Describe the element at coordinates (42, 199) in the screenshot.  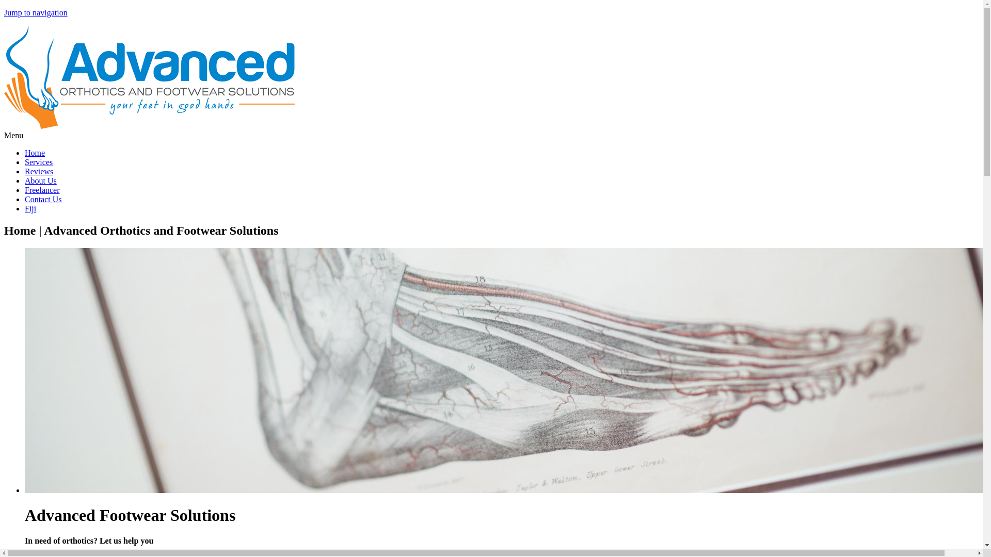
I see `'Contact Us'` at that location.